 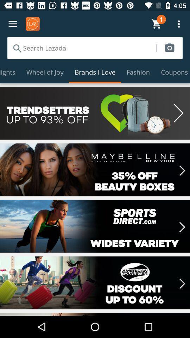 What do you see at coordinates (13, 24) in the screenshot?
I see `menu option` at bounding box center [13, 24].